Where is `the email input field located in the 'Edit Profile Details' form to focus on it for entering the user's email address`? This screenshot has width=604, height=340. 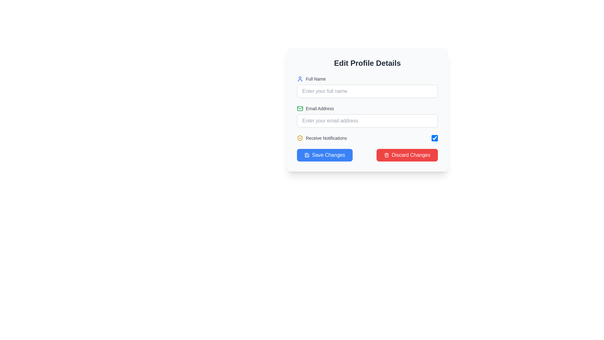
the email input field located in the 'Edit Profile Details' form to focus on it for entering the user's email address is located at coordinates (367, 116).